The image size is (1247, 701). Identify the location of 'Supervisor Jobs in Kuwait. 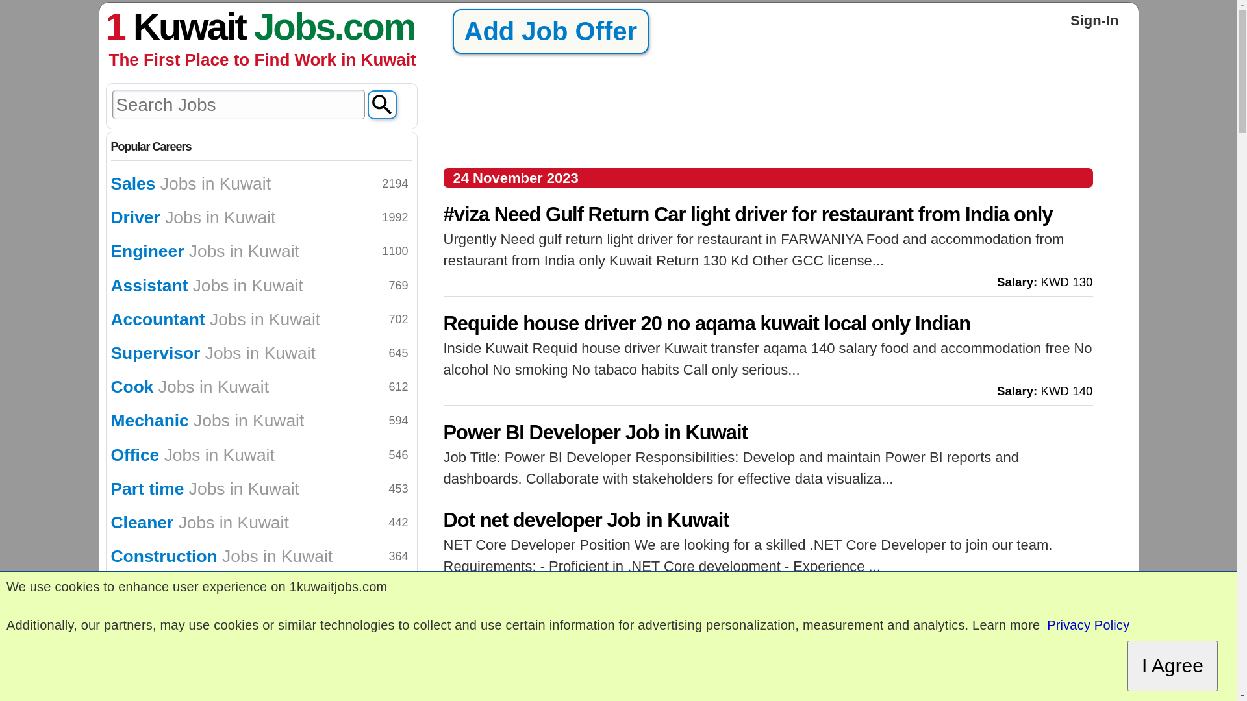
(260, 352).